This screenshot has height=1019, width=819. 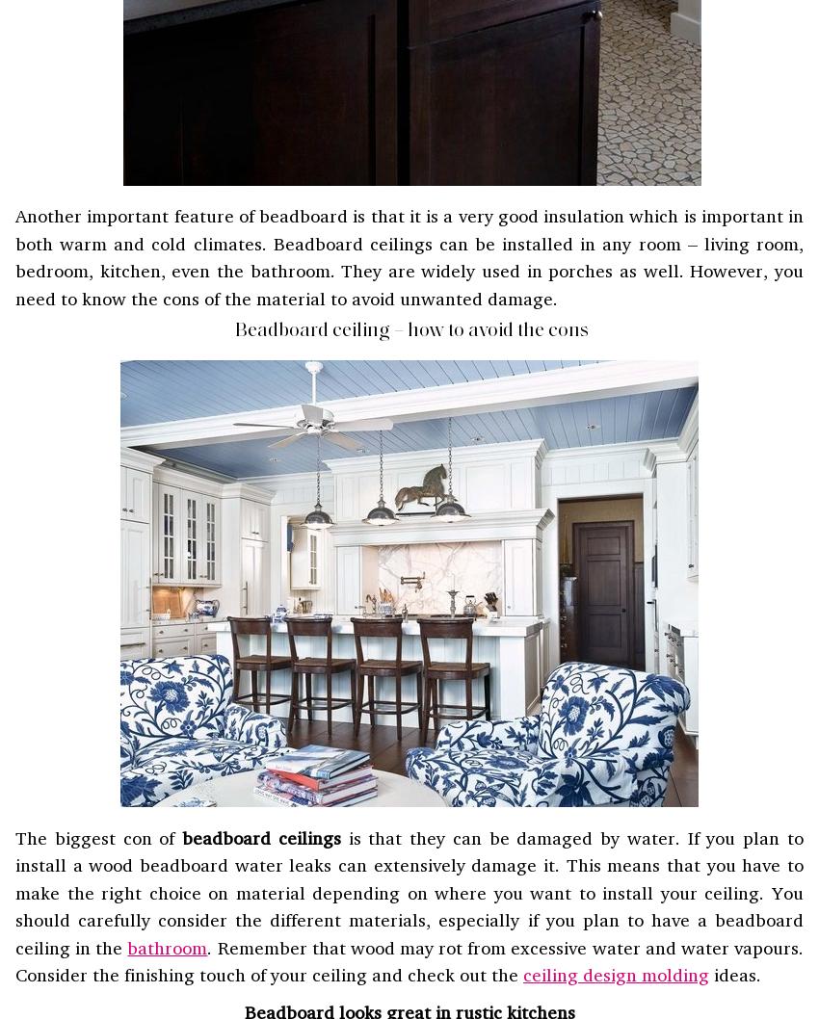 What do you see at coordinates (13, 836) in the screenshot?
I see `'The biggest con of'` at bounding box center [13, 836].